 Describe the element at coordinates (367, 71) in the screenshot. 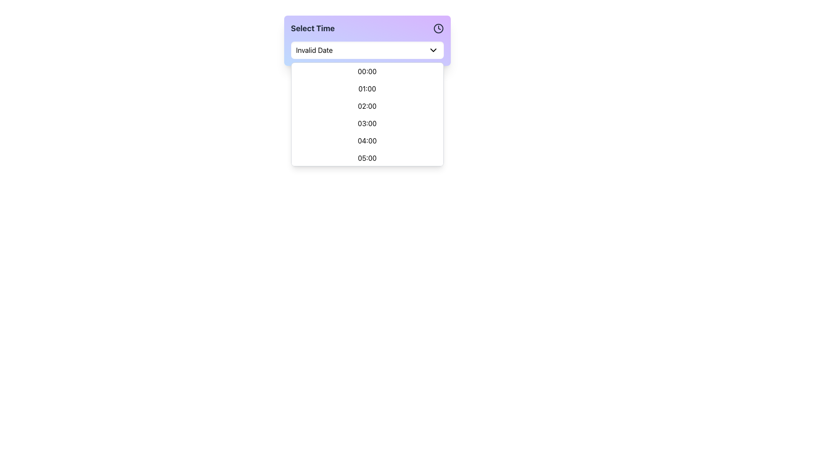

I see `the first selectable time option ('00:00') in the dropdown menu` at that location.